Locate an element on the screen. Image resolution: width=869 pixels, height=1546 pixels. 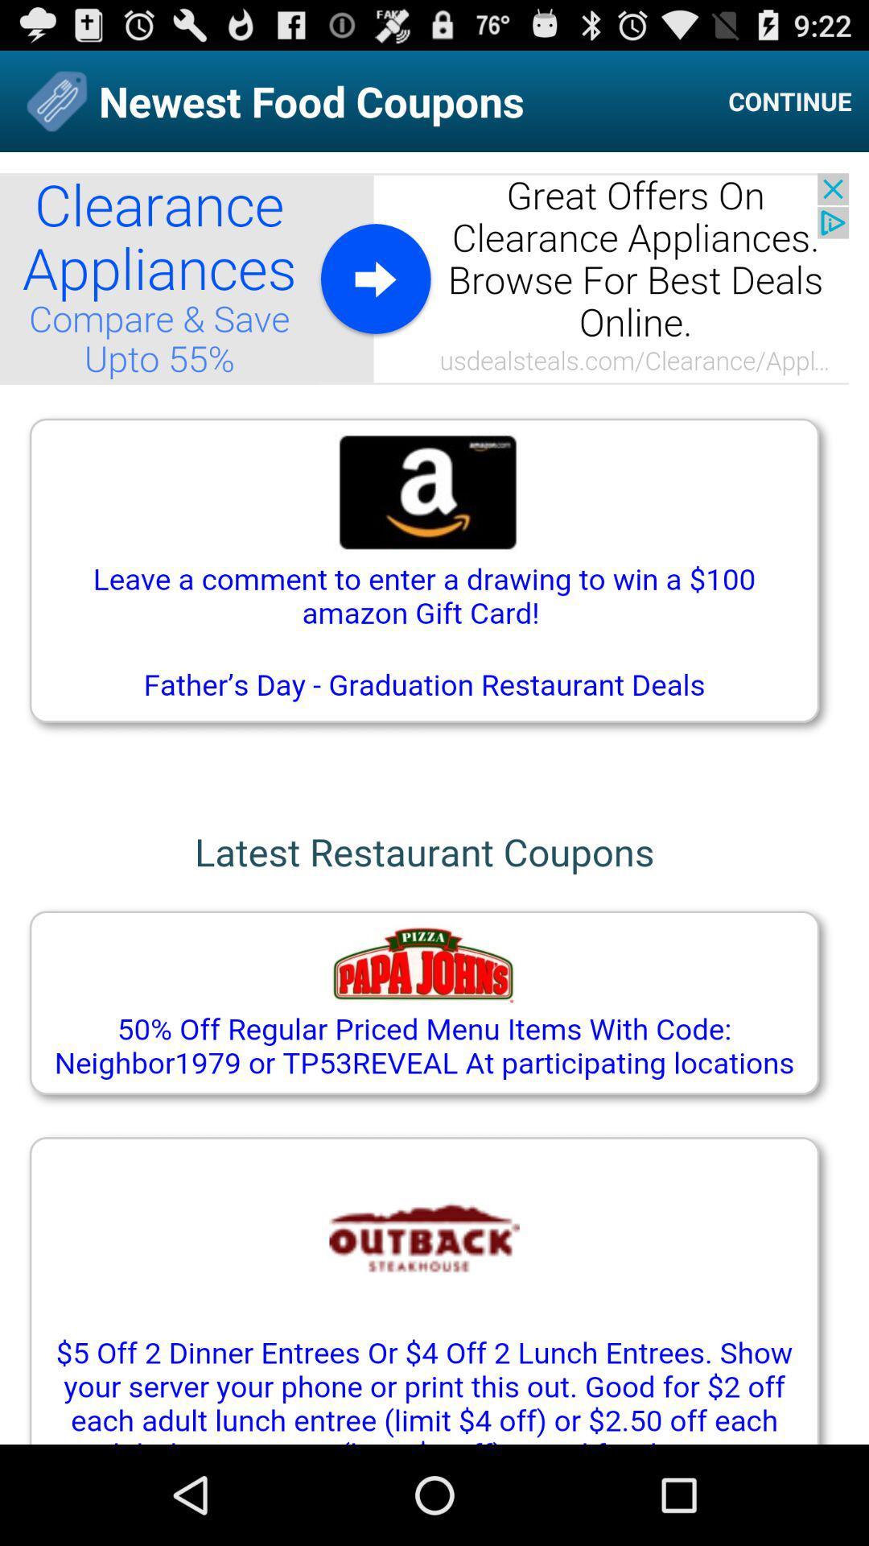
seeing the paragraph is located at coordinates (434, 798).